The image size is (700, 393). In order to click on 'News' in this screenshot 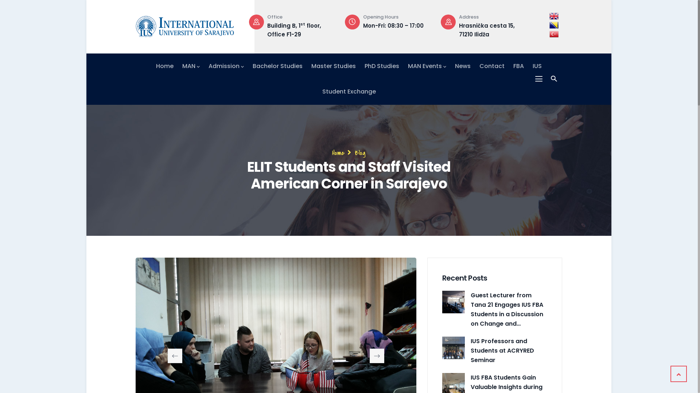, I will do `click(462, 66)`.